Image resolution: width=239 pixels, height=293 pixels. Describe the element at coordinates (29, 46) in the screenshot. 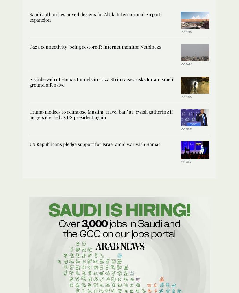

I see `'Gaza connectivity ‘being restored’: Internet monitor Netblocks'` at that location.